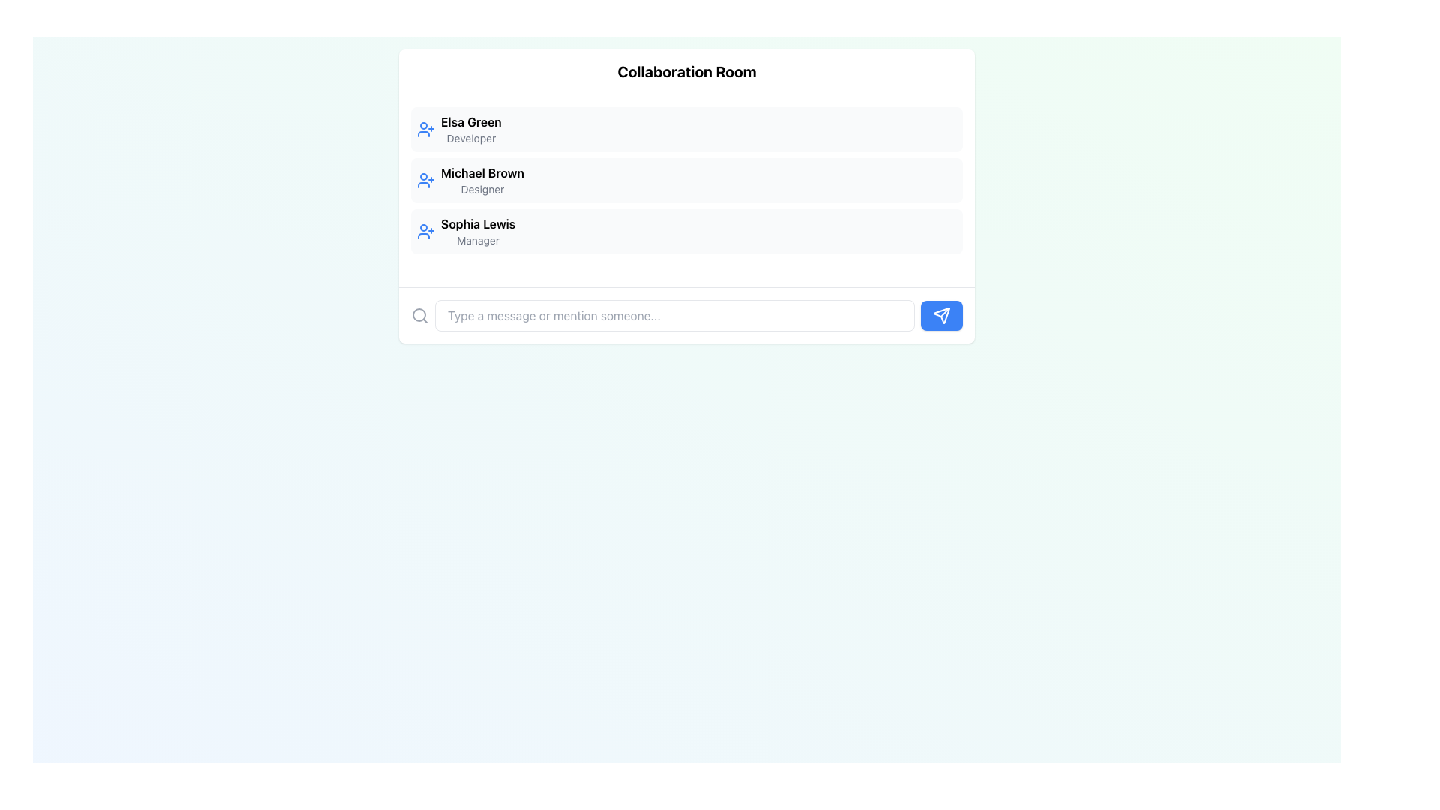 The height and width of the screenshot is (810, 1440). What do you see at coordinates (482, 179) in the screenshot?
I see `the Text Display element that shows a user's name and designation, positioned between 'Elsa Green Developer' and 'Sophia Lewis Manager'` at bounding box center [482, 179].